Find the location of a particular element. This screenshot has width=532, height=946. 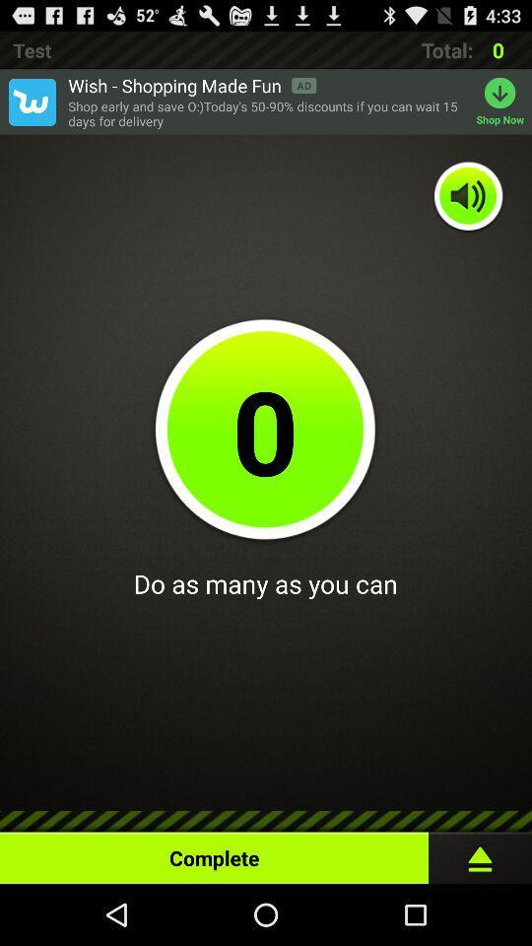

top is located at coordinates (479, 852).